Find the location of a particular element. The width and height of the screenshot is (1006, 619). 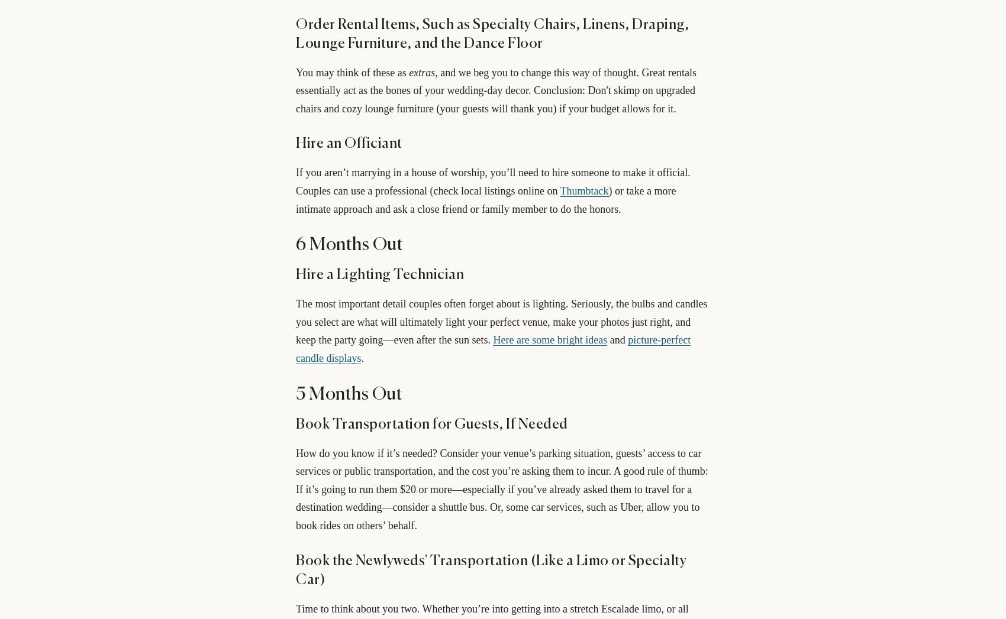

'picture-perfect candle displays' is located at coordinates (492, 348).